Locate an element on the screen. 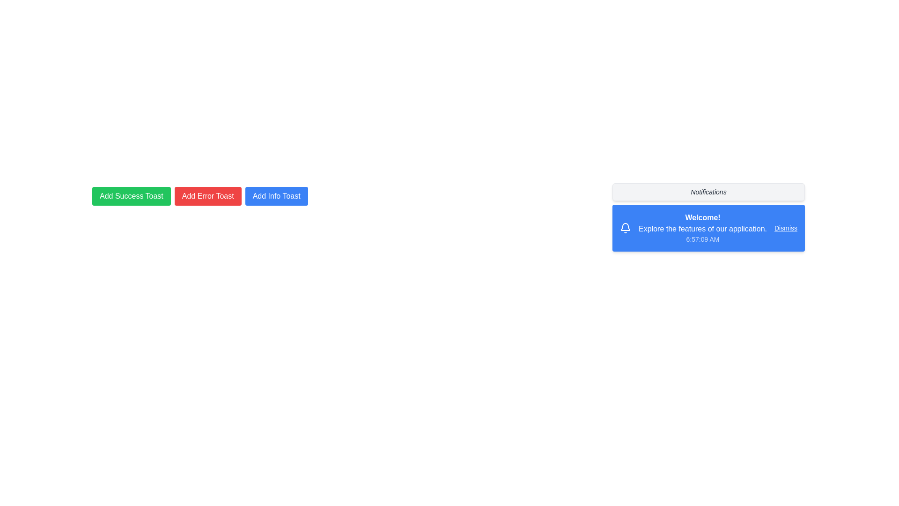 The height and width of the screenshot is (506, 899). the red 'Add Error Toast' button, which is the second button in a row of three buttons is located at coordinates (207, 196).